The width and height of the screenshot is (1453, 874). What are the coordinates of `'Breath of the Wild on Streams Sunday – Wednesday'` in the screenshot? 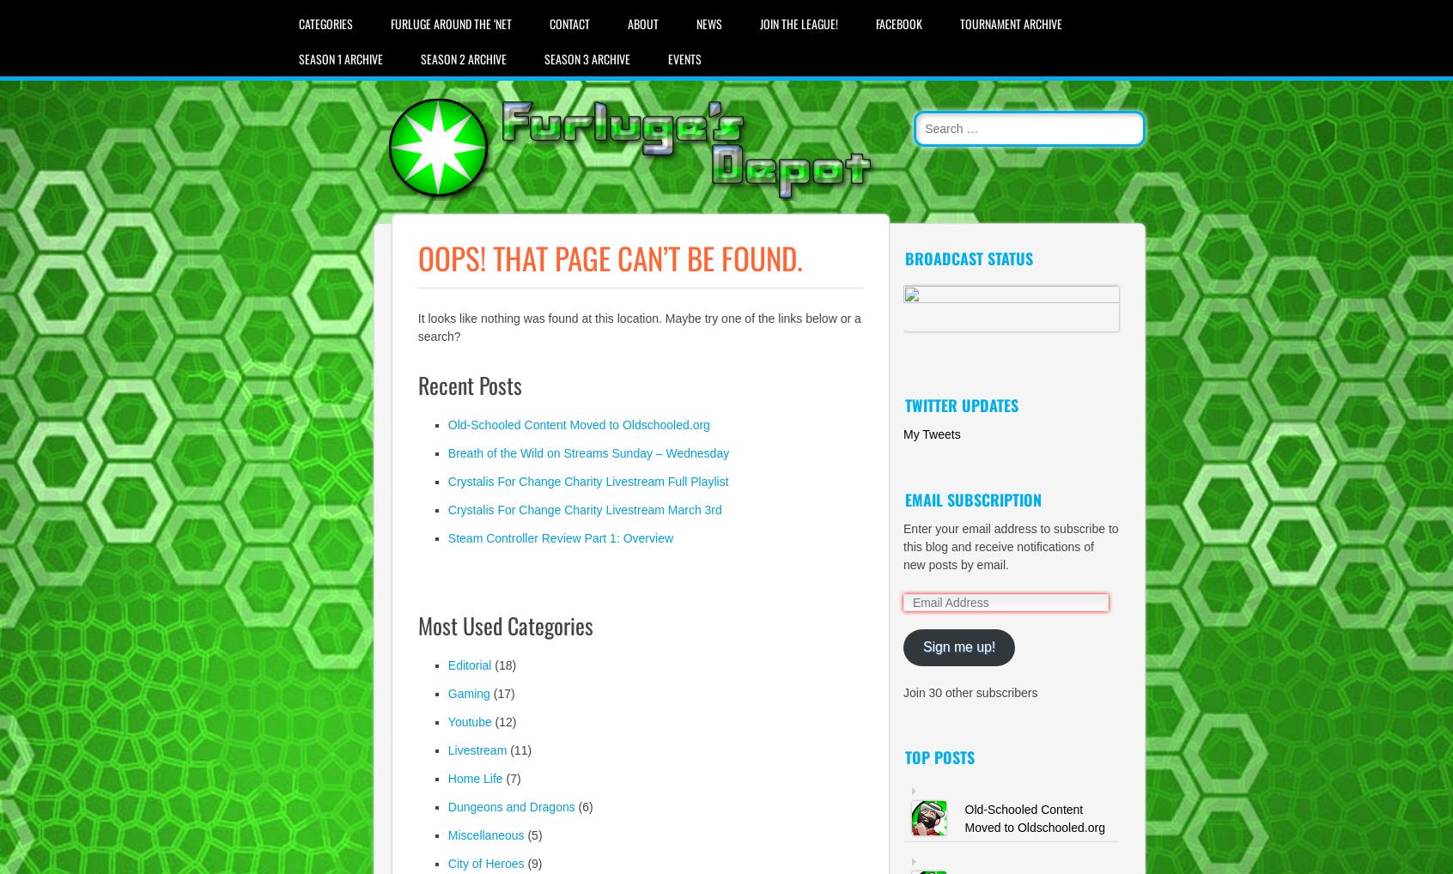 It's located at (587, 452).